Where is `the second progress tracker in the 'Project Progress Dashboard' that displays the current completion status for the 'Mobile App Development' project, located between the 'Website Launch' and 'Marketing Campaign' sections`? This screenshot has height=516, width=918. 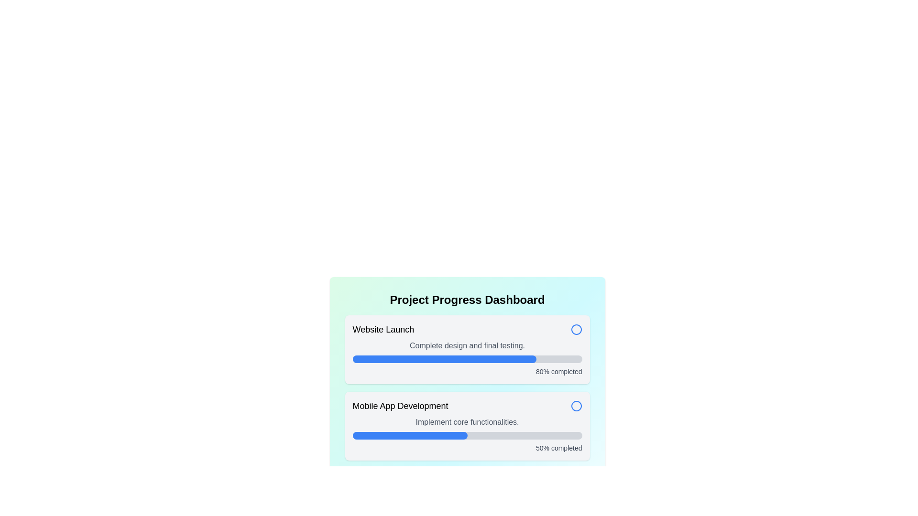 the second progress tracker in the 'Project Progress Dashboard' that displays the current completion status for the 'Mobile App Development' project, located between the 'Website Launch' and 'Marketing Campaign' sections is located at coordinates (467, 425).